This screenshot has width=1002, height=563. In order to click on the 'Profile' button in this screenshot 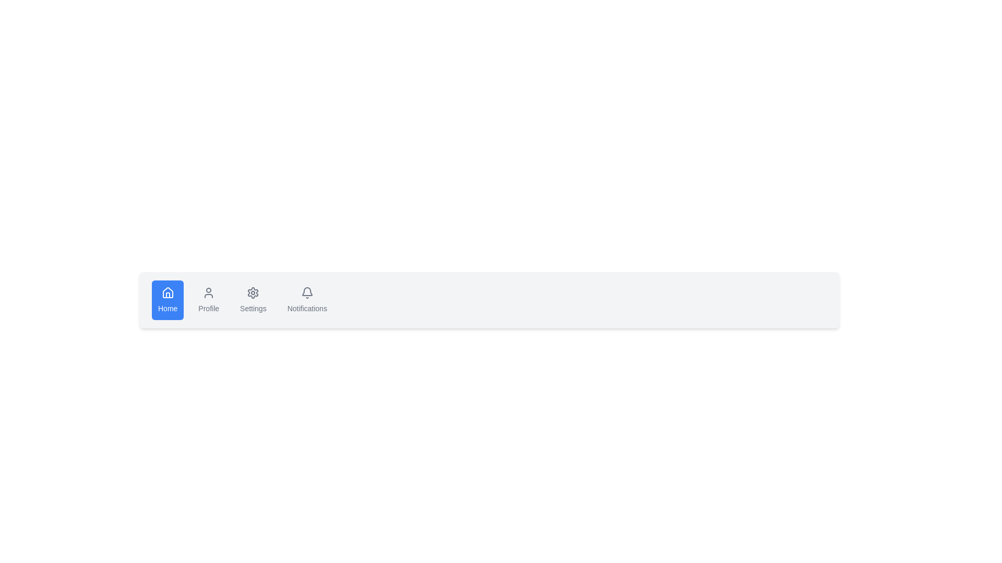, I will do `click(209, 300)`.